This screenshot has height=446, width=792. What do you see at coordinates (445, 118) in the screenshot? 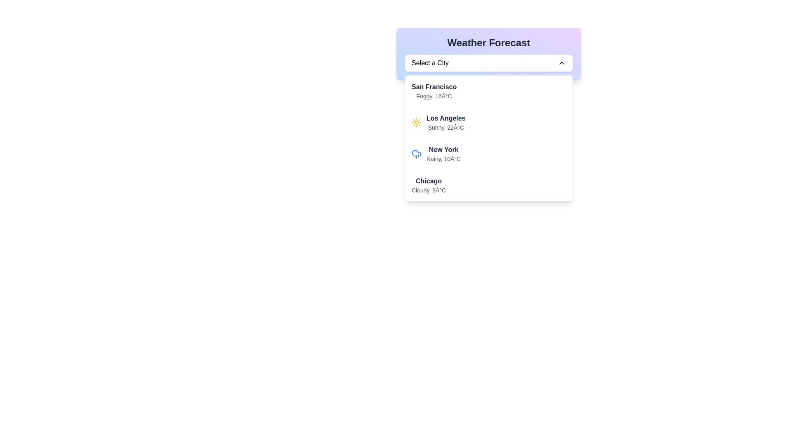
I see `the text label identifying 'Los Angeles' in the weather forecast dropdown list, which is positioned above 'Sunny, 22°C.'` at bounding box center [445, 118].